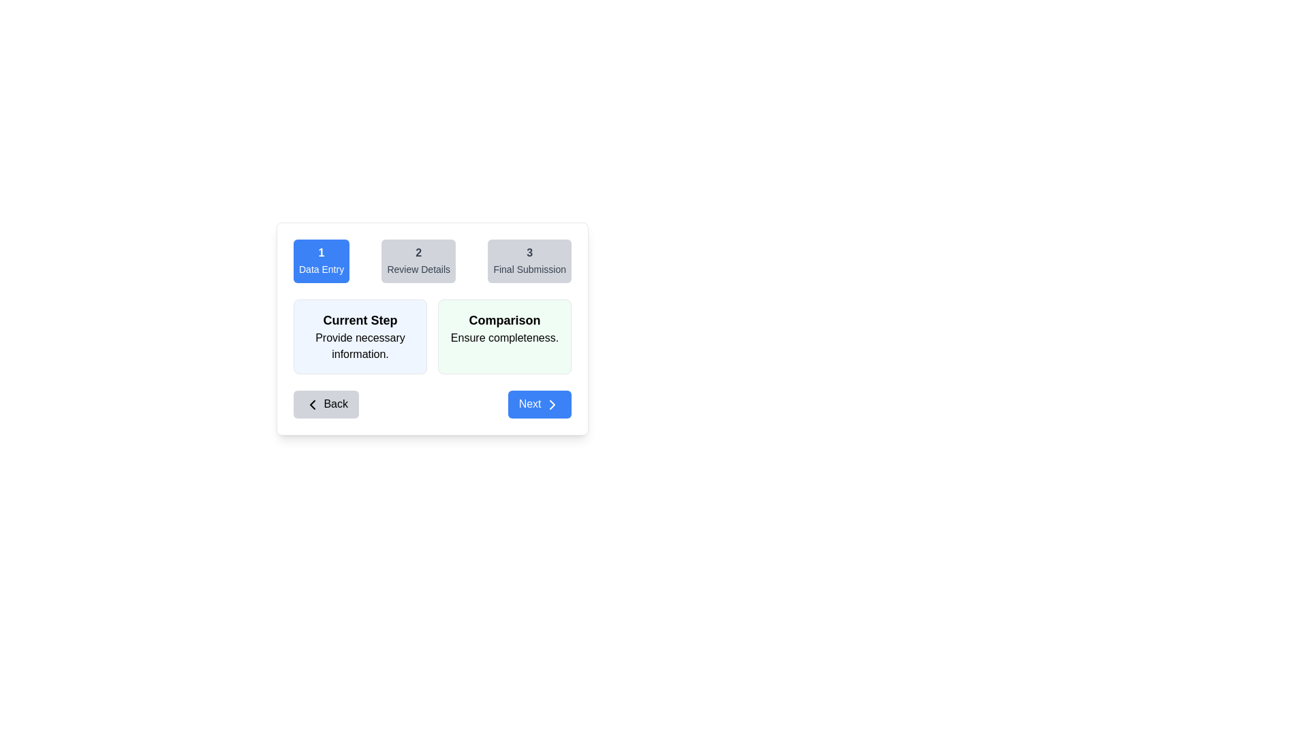  What do you see at coordinates (418, 252) in the screenshot?
I see `the second step indicator displaying the numeral '2' within the step navigation bar, which is part of the process indicating 'Review Details'` at bounding box center [418, 252].